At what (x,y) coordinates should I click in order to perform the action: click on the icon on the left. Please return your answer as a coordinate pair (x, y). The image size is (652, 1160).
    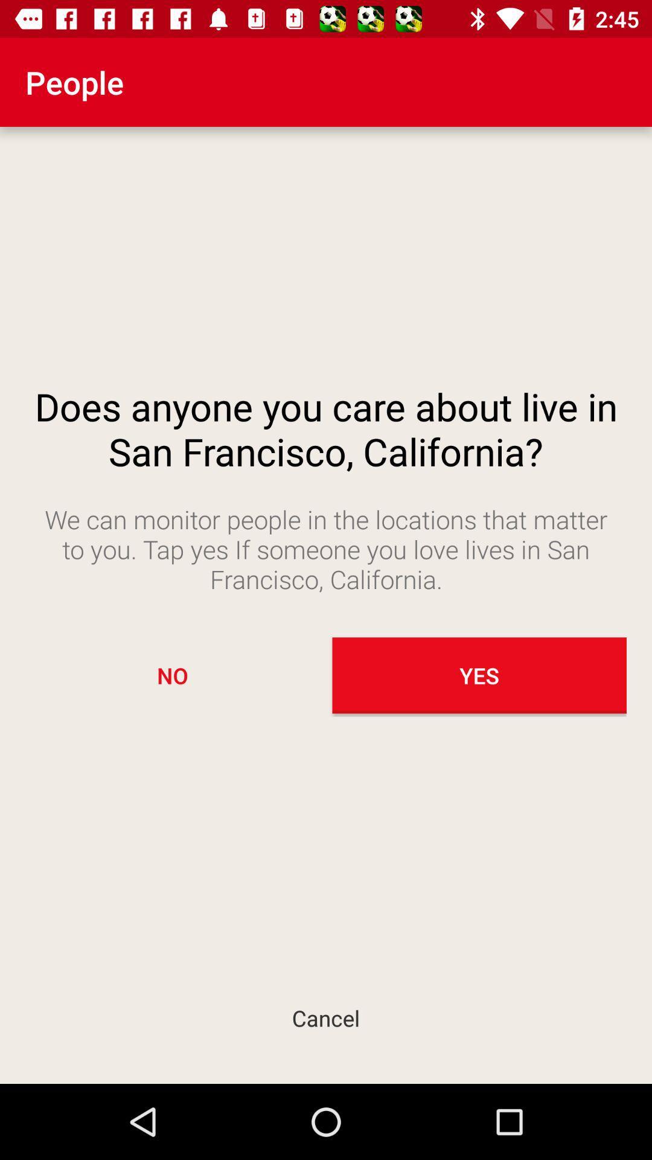
    Looking at the image, I should click on (172, 675).